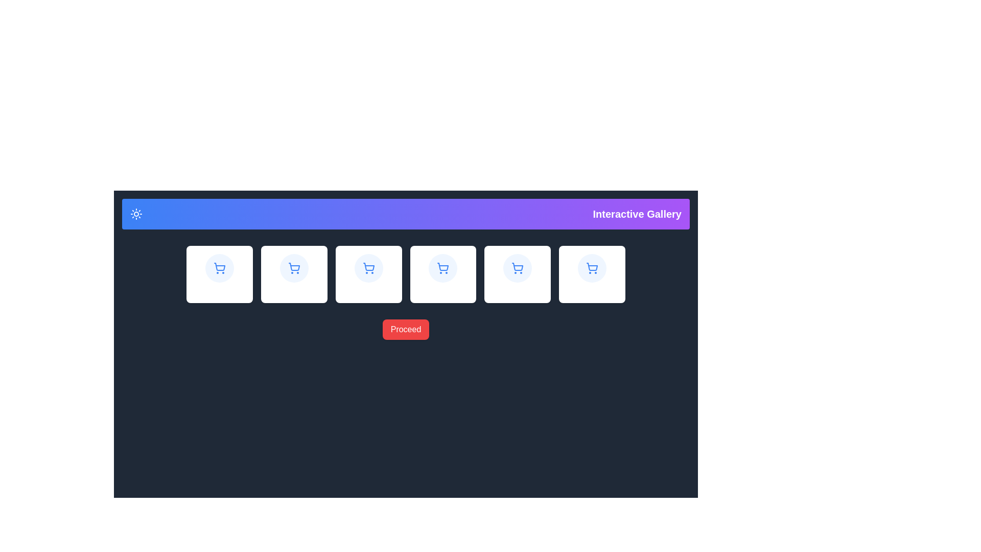  What do you see at coordinates (637, 214) in the screenshot?
I see `text content of the 'Interactive Gallery' text label located at the upper right area of the gradient bar with a purple and blue background` at bounding box center [637, 214].